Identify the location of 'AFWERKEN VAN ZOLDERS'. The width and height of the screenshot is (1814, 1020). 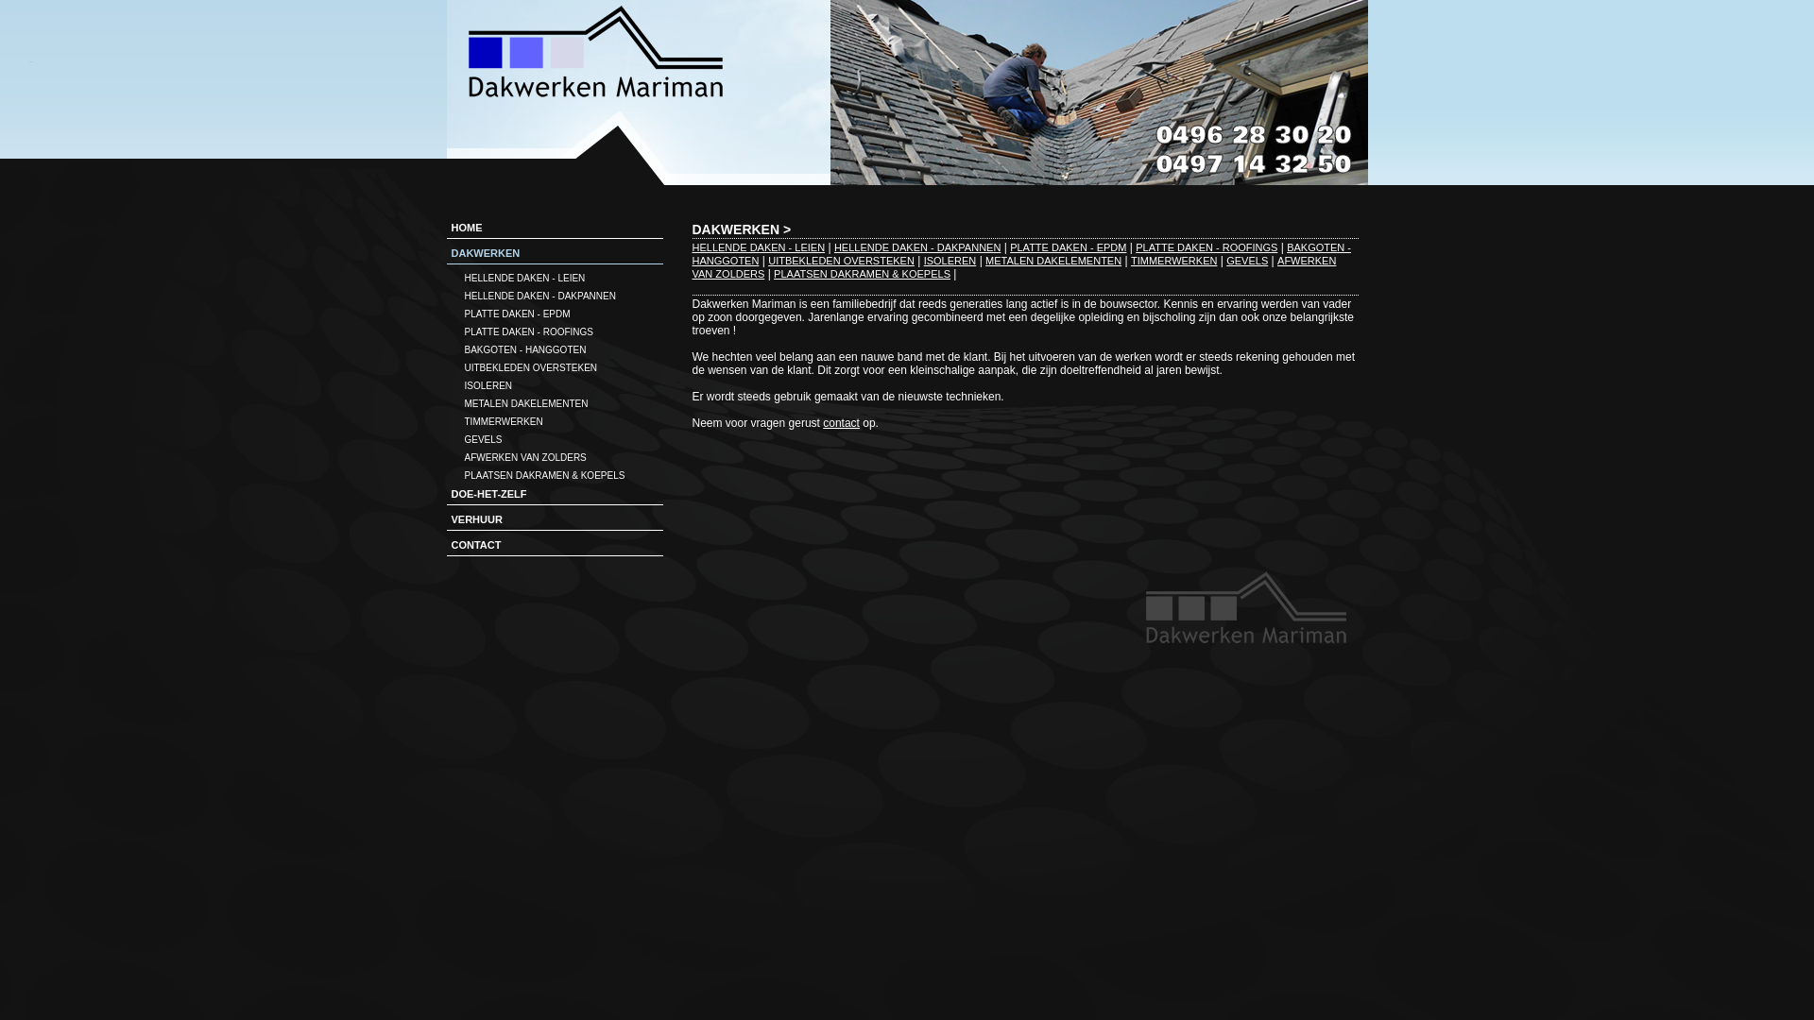
(550, 456).